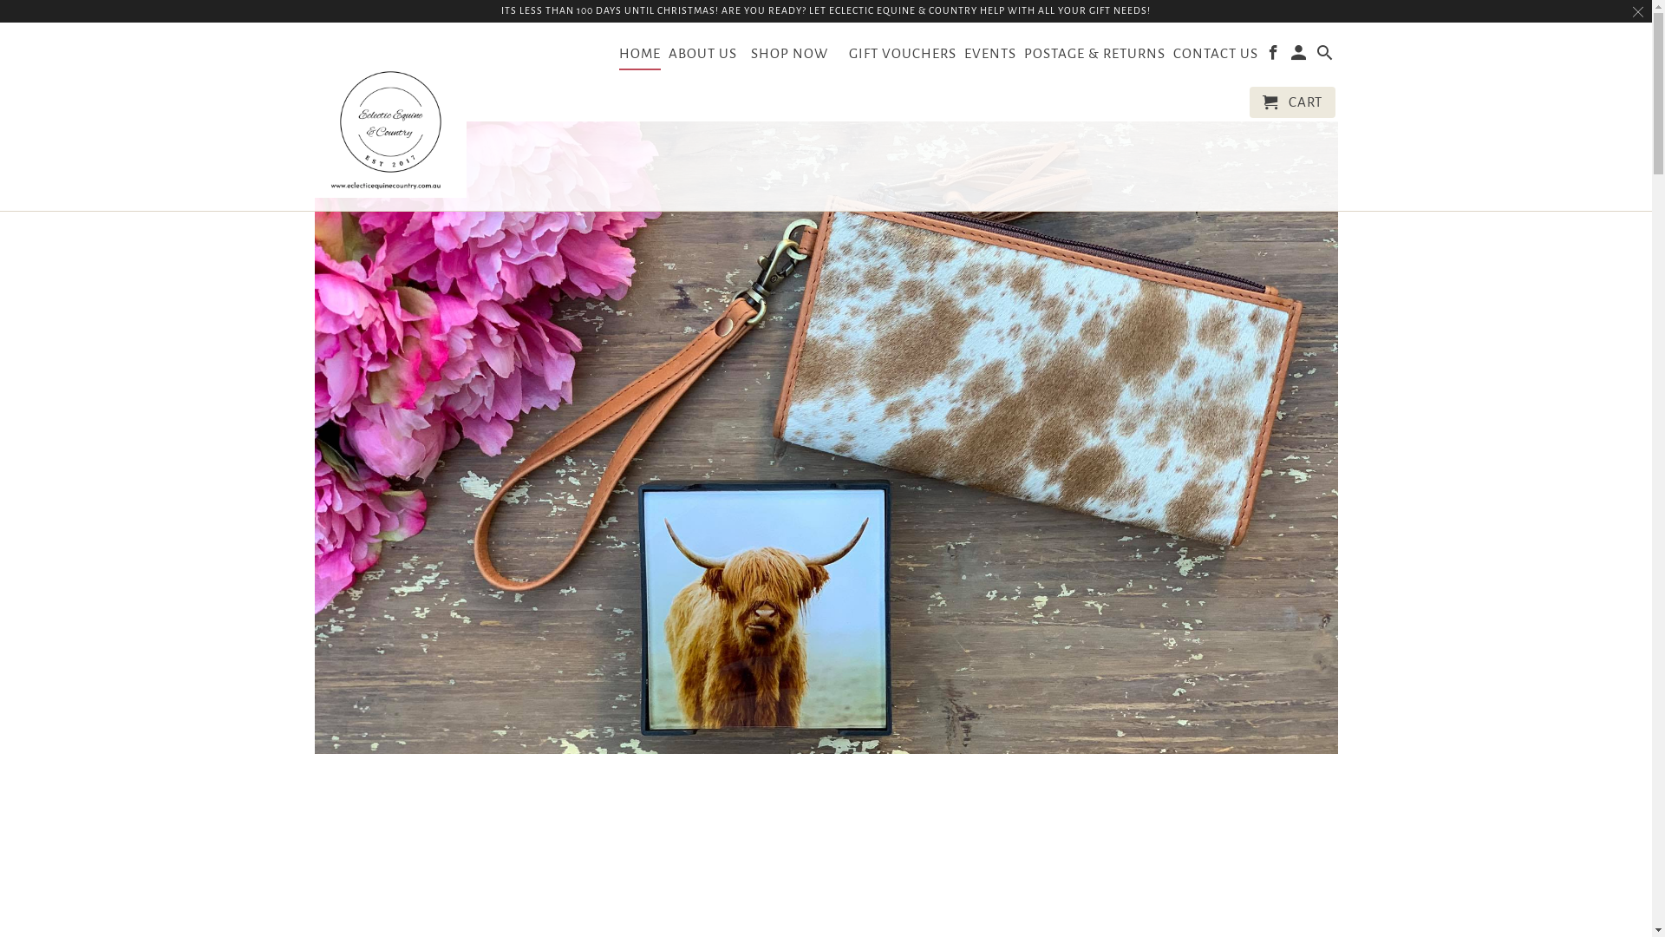 Image resolution: width=1665 pixels, height=937 pixels. Describe the element at coordinates (1214, 56) in the screenshot. I see `'CONTACT US'` at that location.